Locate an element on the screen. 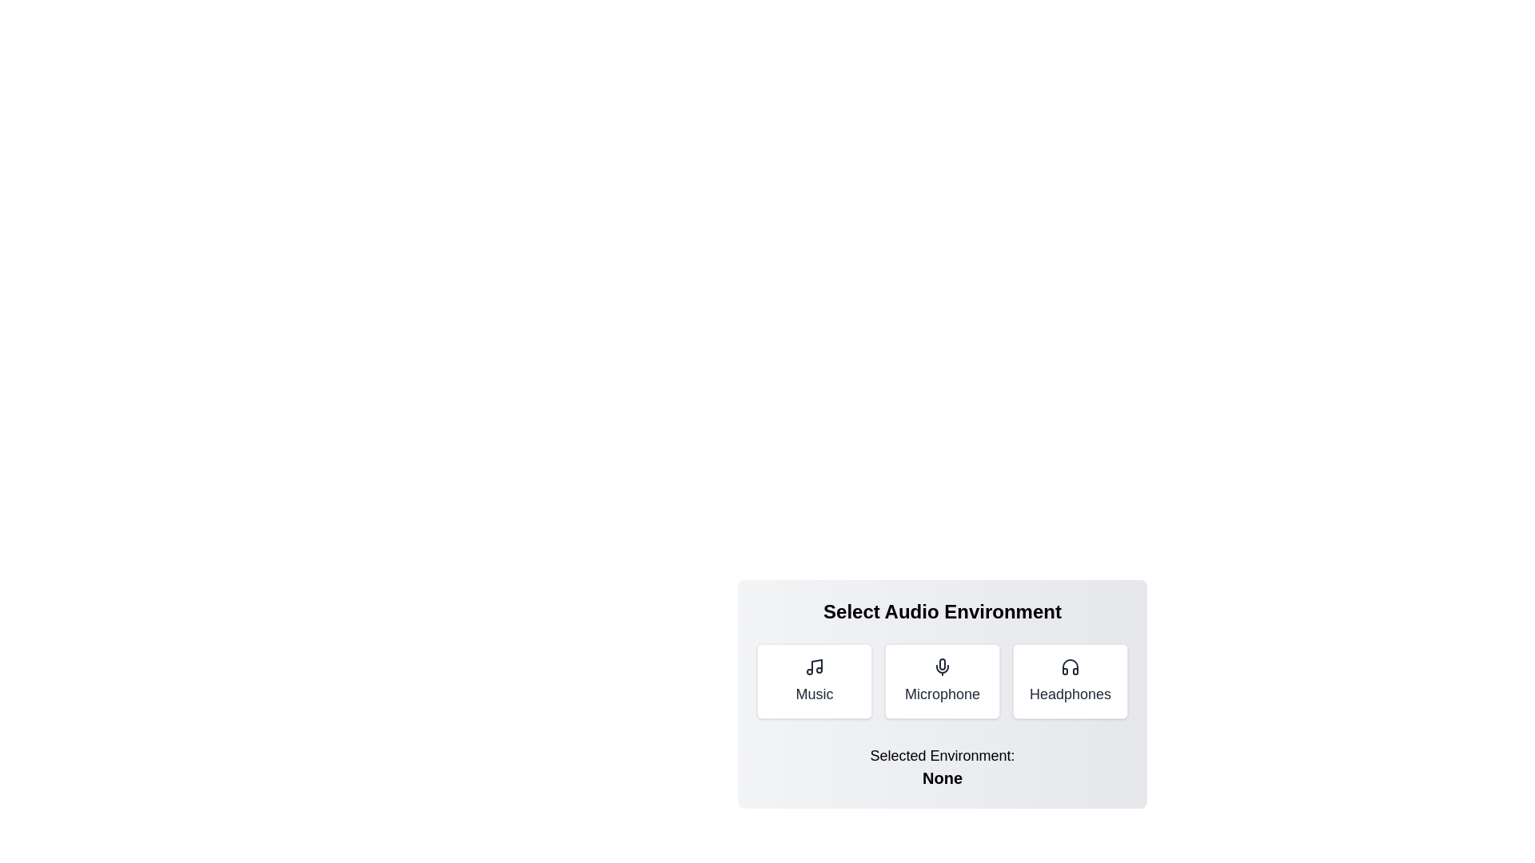  the selection panel containing buttons for 'Music', 'Microphone', and 'Headphones' is located at coordinates (943, 695).